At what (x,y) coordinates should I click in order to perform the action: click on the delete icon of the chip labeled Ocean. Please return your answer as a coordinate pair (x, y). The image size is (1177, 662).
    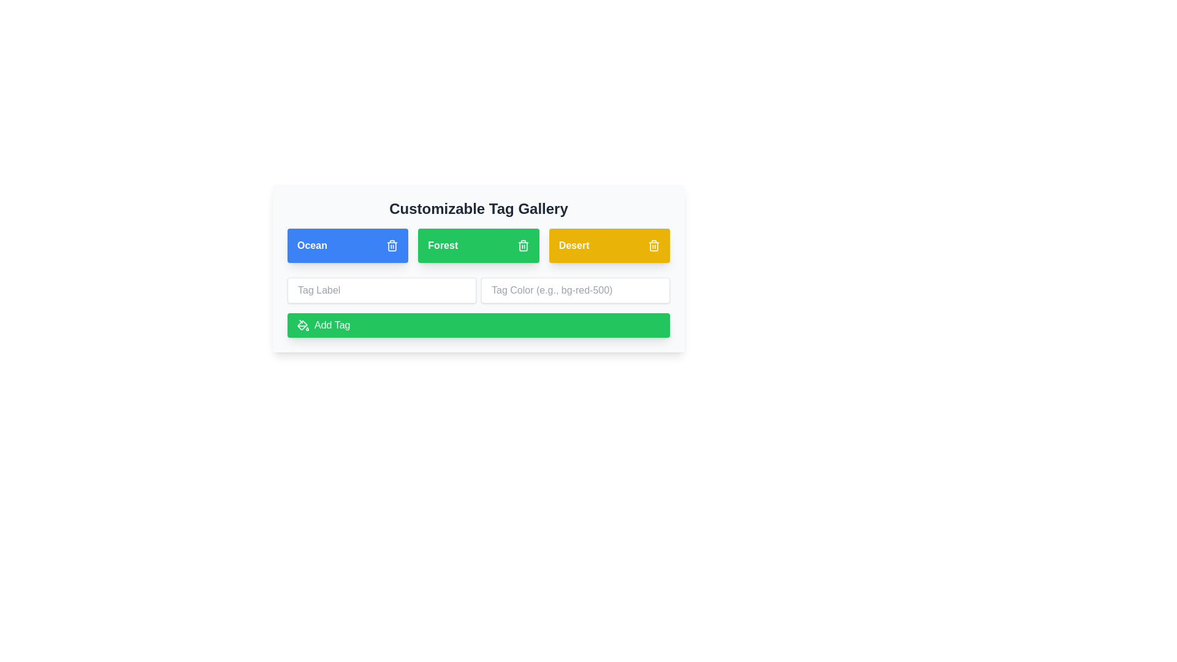
    Looking at the image, I should click on (392, 246).